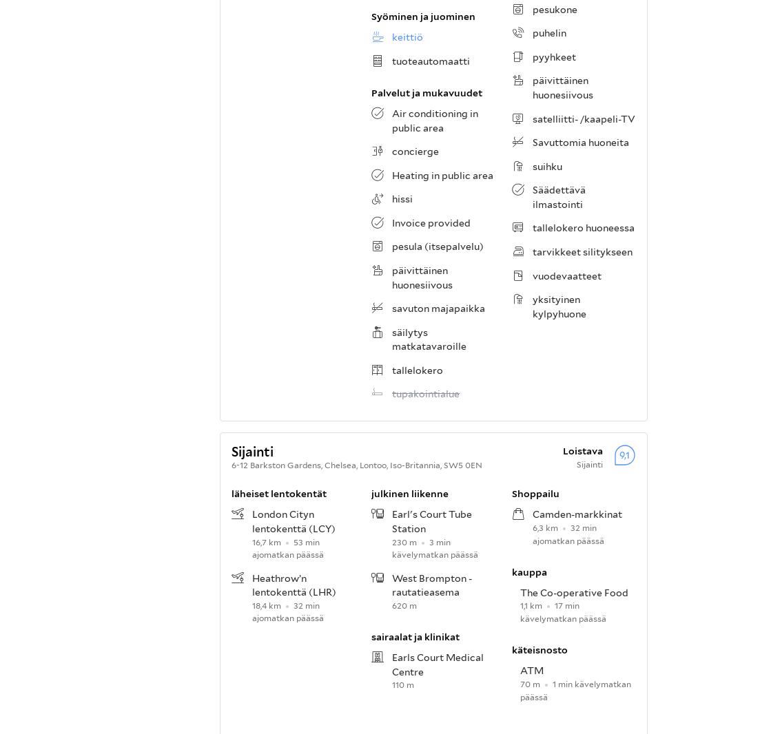 Image resolution: width=780 pixels, height=734 pixels. What do you see at coordinates (265, 541) in the screenshot?
I see `'16,7 km'` at bounding box center [265, 541].